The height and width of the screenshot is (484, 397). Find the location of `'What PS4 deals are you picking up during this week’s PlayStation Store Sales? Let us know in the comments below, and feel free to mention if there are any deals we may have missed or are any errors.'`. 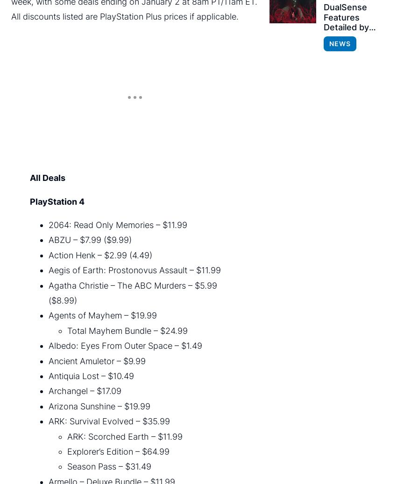

'What PS4 deals are you picking up during this week’s PlayStation Store Sales? Let us know in the comments below, and feel free to mention if there are any deals we may have missed or are any errors.' is located at coordinates (128, 380).